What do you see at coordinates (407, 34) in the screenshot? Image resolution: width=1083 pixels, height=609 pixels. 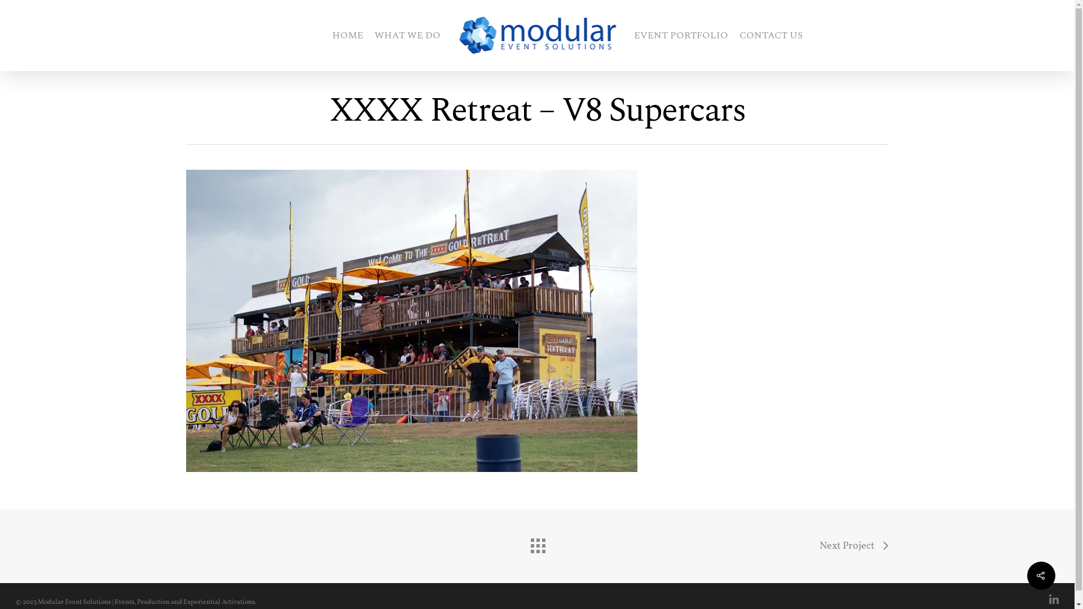 I see `'WHAT WE DO'` at bounding box center [407, 34].